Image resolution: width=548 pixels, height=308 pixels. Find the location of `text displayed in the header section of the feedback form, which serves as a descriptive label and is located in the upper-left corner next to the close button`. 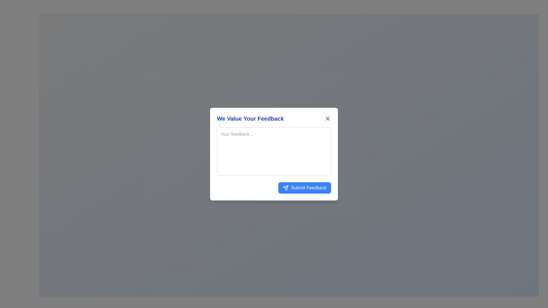

text displayed in the header section of the feedback form, which serves as a descriptive label and is located in the upper-left corner next to the close button is located at coordinates (250, 118).